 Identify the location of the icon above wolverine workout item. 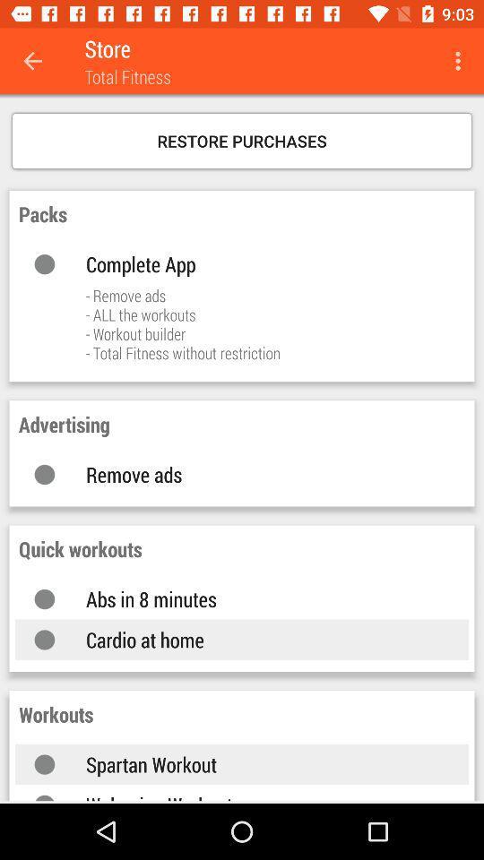
(258, 763).